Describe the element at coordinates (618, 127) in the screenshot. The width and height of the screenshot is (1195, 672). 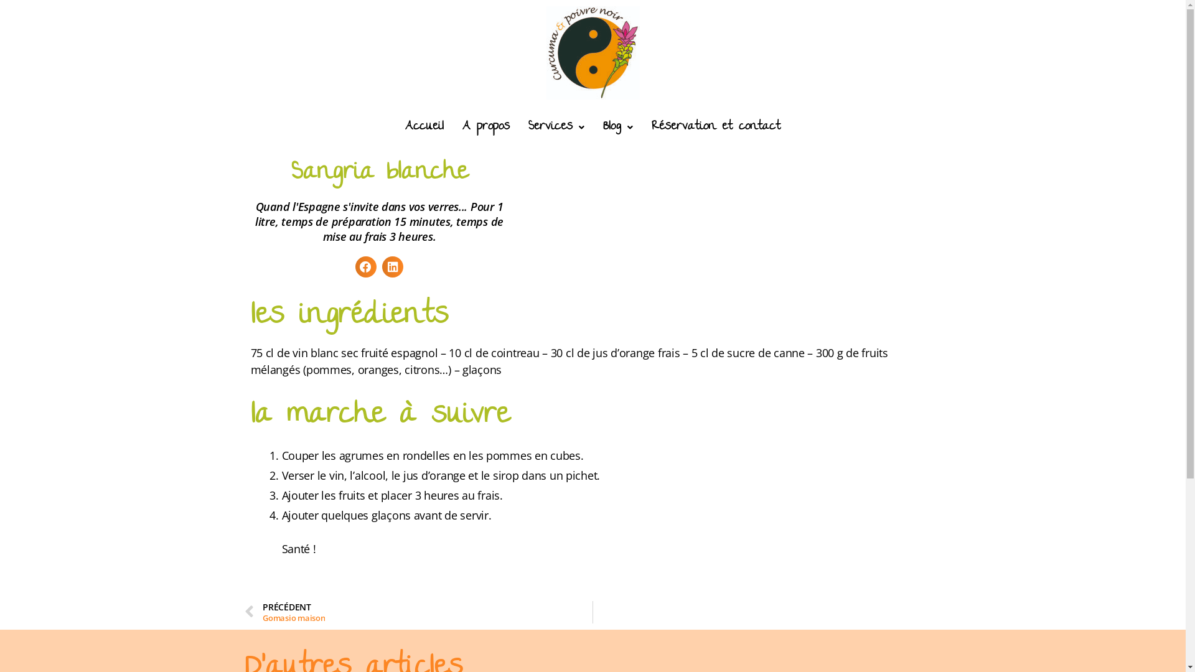
I see `'Blog'` at that location.